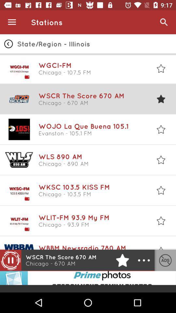  Describe the element at coordinates (10, 260) in the screenshot. I see `the pause icon` at that location.